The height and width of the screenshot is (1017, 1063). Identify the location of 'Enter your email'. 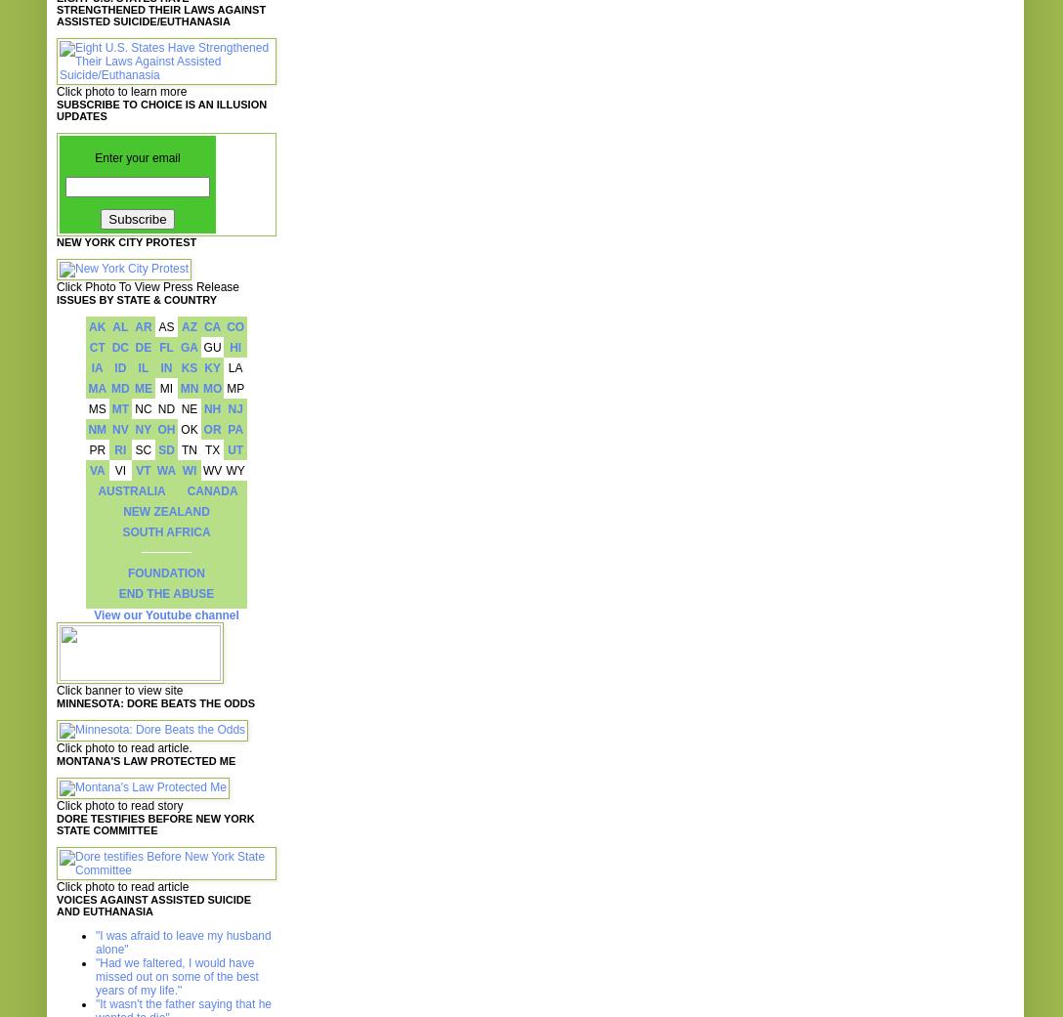
(136, 157).